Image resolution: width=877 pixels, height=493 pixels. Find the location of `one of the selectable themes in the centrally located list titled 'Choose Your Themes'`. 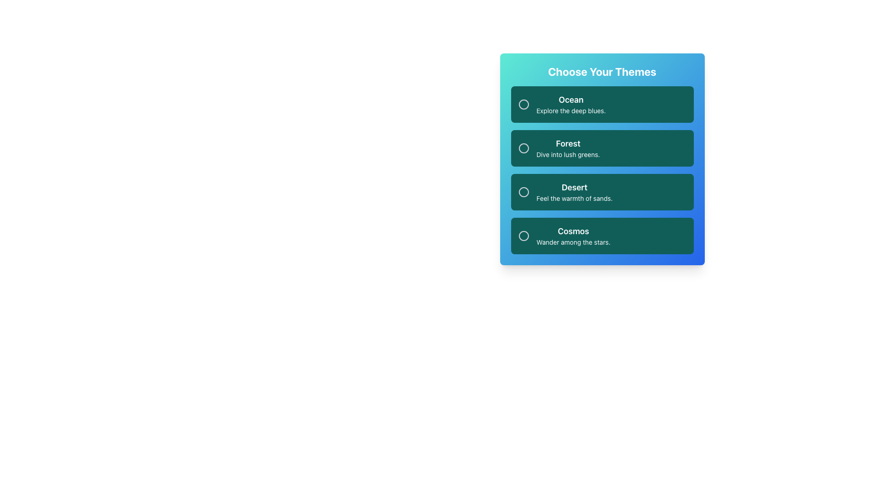

one of the selectable themes in the centrally located list titled 'Choose Your Themes' is located at coordinates (602, 170).